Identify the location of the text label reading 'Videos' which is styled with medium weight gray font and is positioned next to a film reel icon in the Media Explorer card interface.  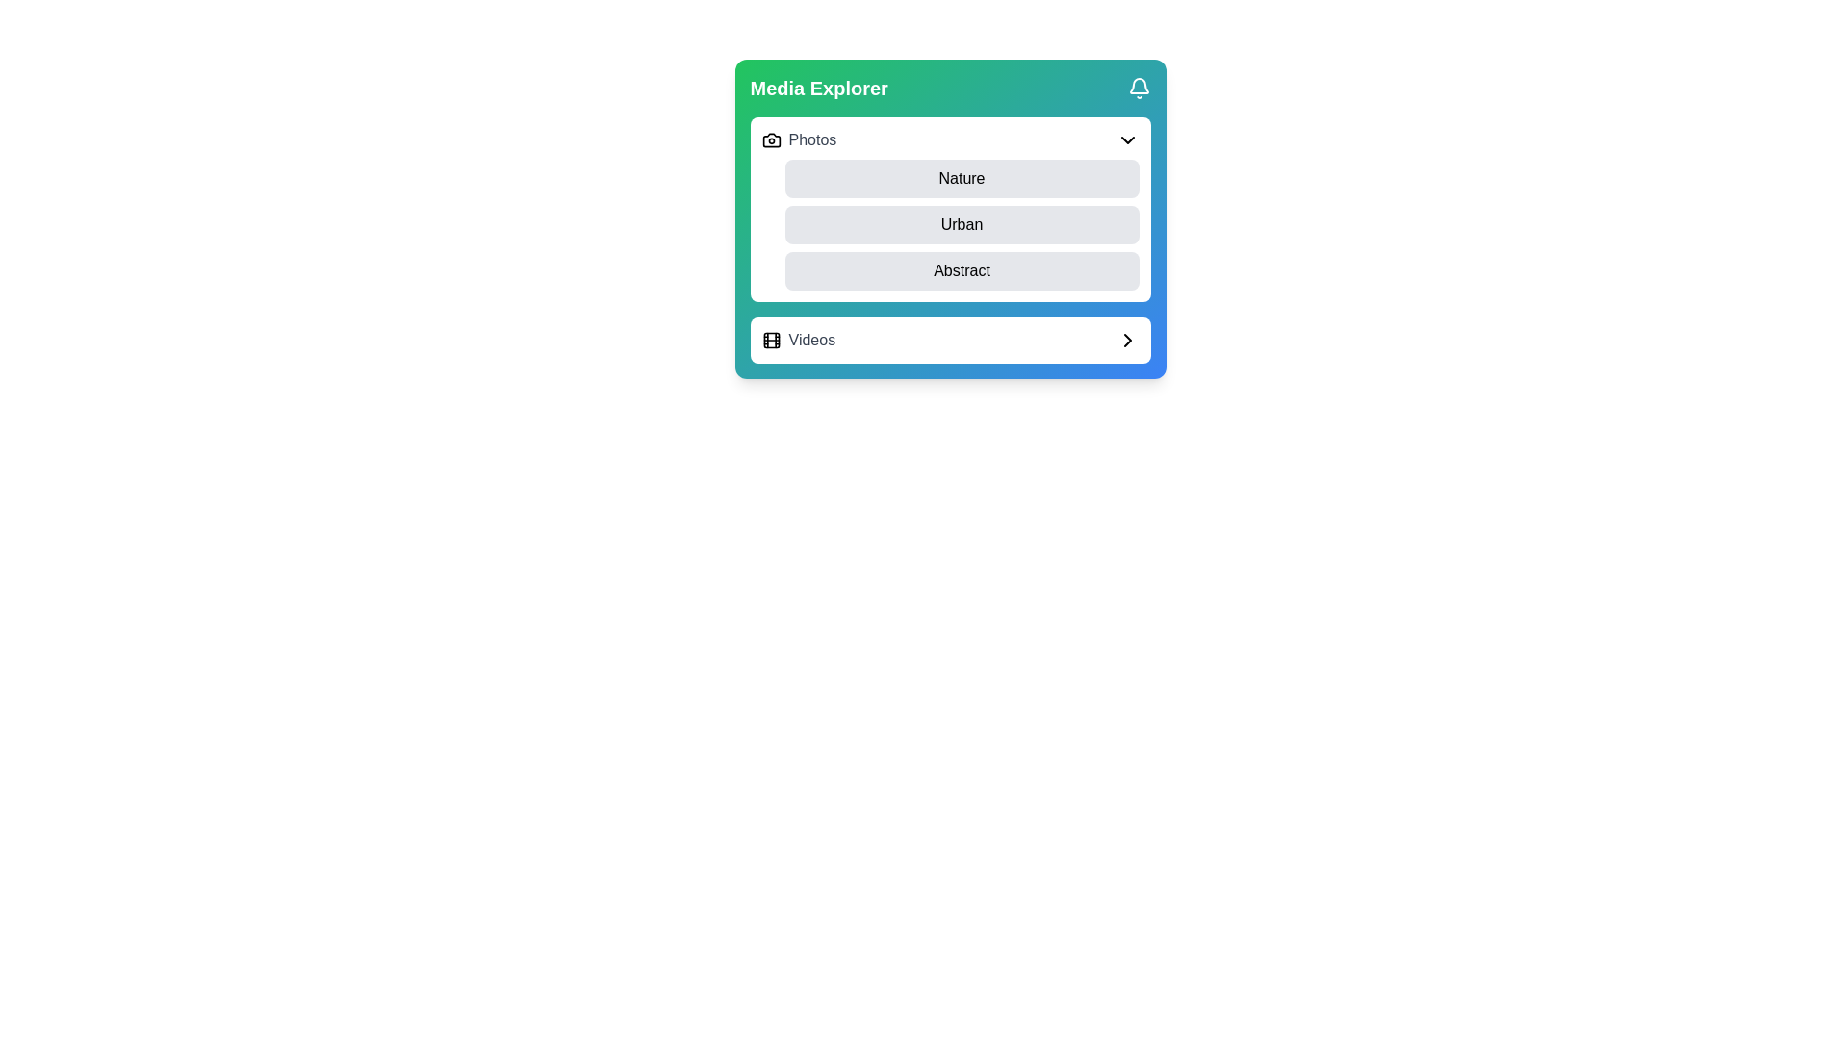
(811, 340).